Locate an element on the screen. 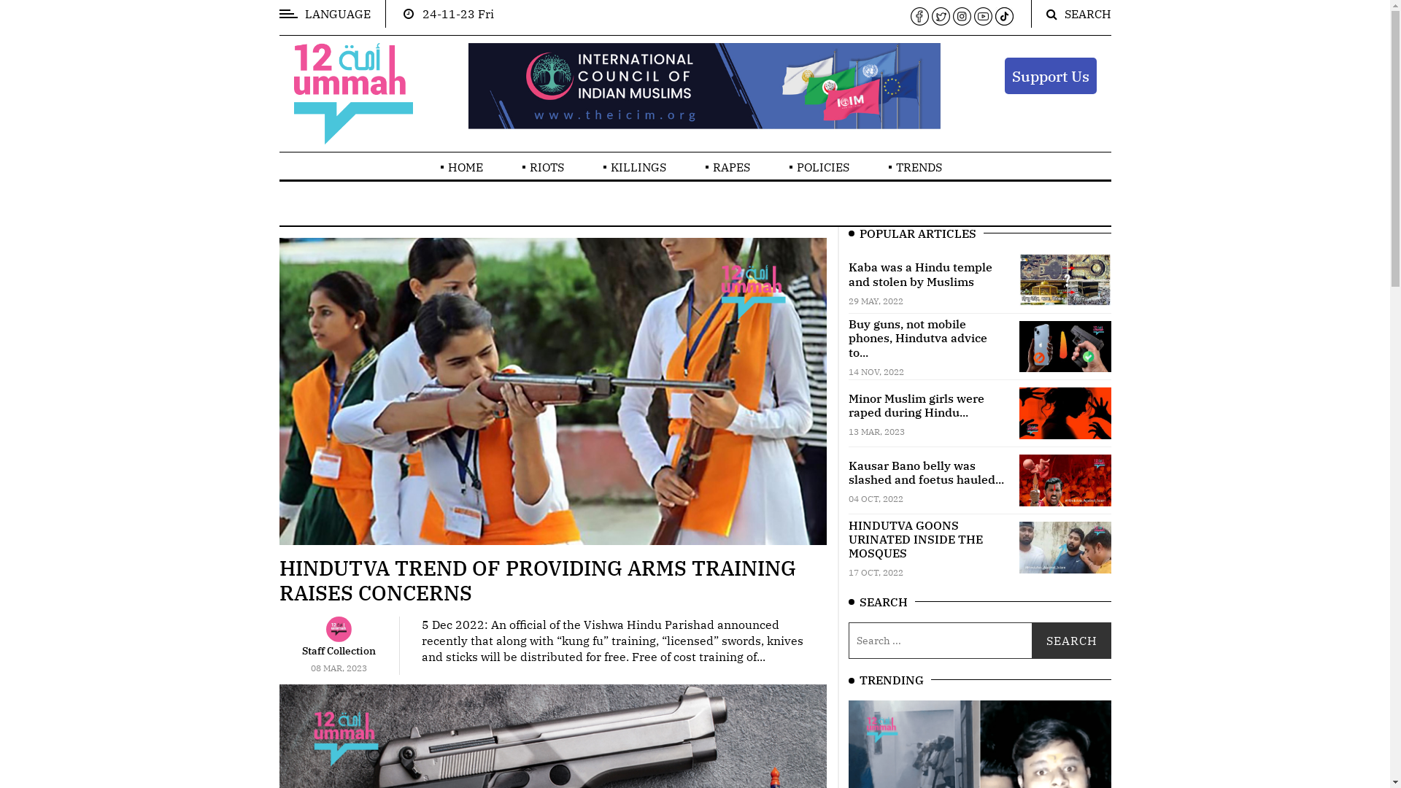 This screenshot has width=1401, height=788. 'RAPES' is located at coordinates (713, 166).